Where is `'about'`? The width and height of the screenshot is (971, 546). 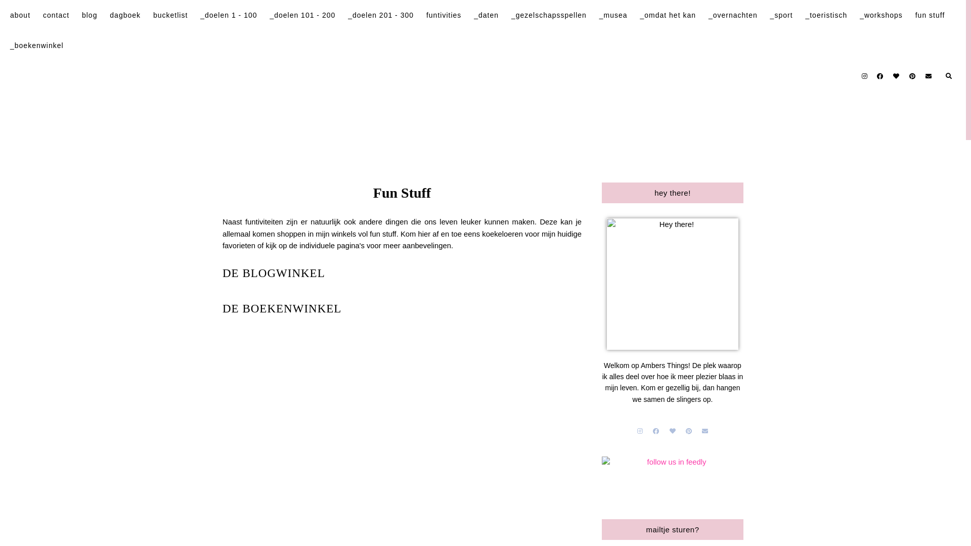
'about' is located at coordinates (20, 15).